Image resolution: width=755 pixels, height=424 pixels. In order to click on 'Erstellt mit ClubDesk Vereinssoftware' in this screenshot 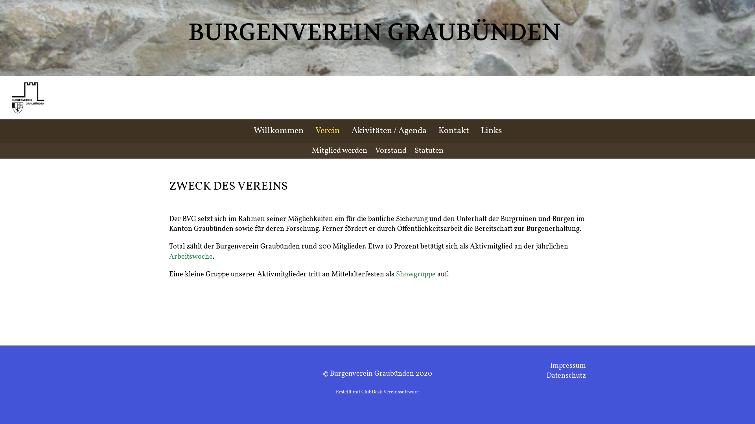, I will do `click(377, 392)`.